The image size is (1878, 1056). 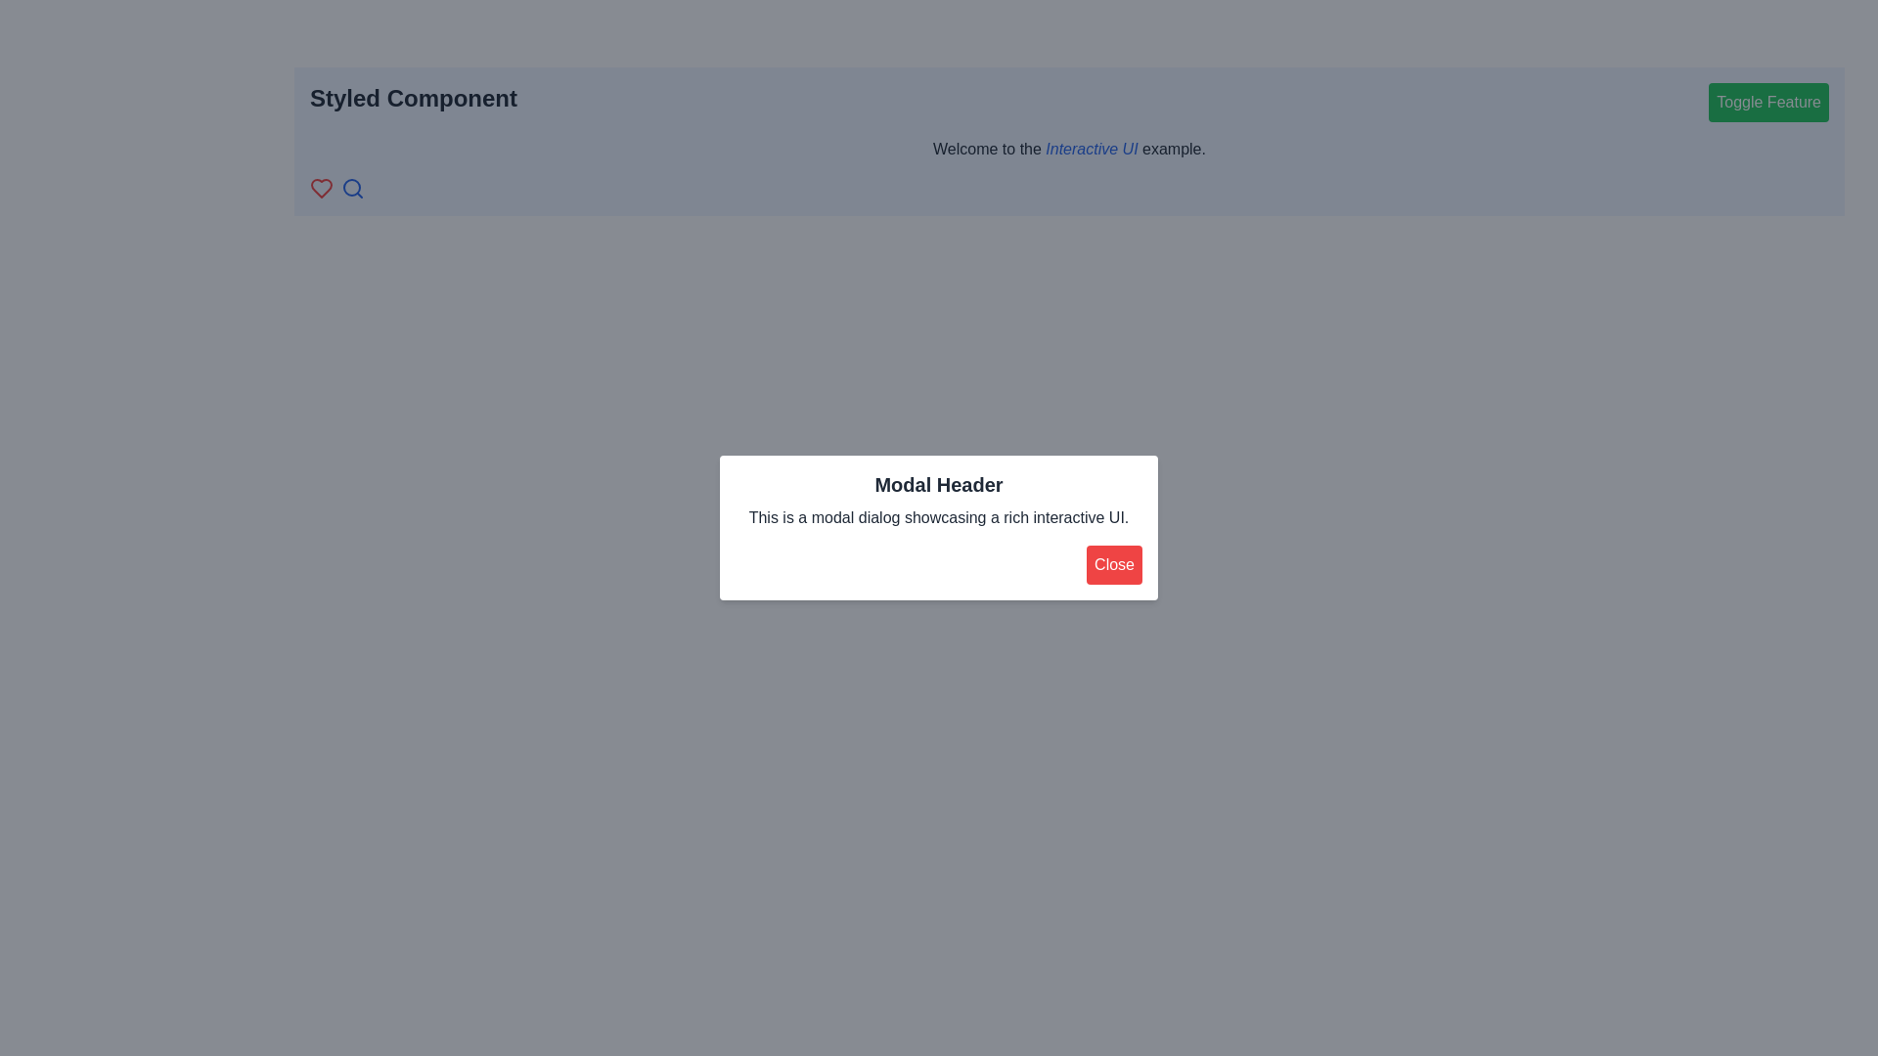 What do you see at coordinates (1091, 148) in the screenshot?
I see `the text label displaying 'Interactive UI' styled in blue for more actions` at bounding box center [1091, 148].